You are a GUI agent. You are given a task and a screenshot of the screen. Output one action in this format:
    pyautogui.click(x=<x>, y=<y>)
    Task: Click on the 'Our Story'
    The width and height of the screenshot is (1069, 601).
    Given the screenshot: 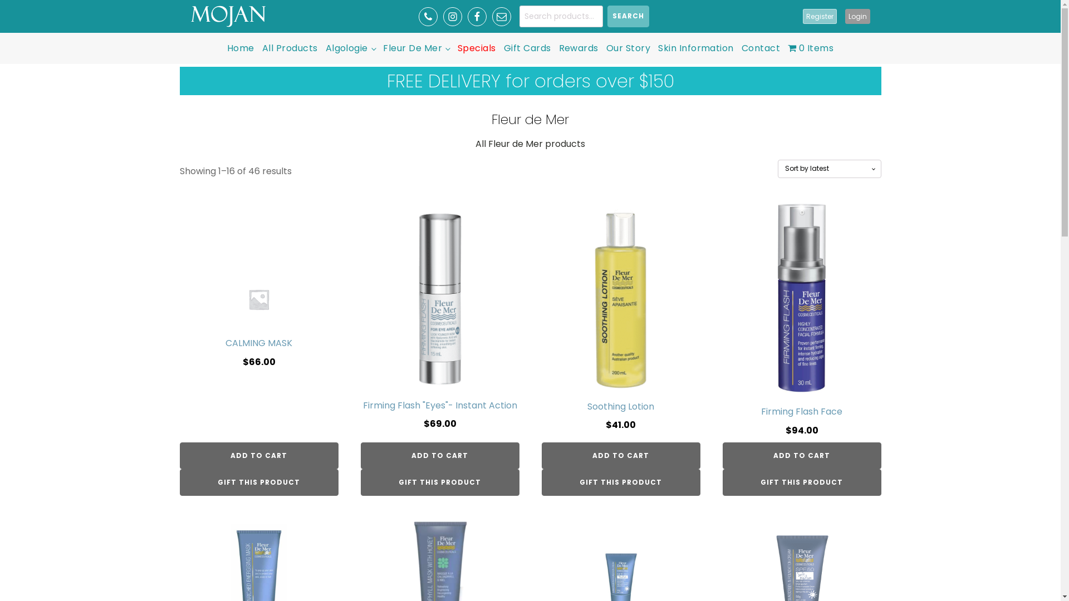 What is the action you would take?
    pyautogui.click(x=628, y=48)
    